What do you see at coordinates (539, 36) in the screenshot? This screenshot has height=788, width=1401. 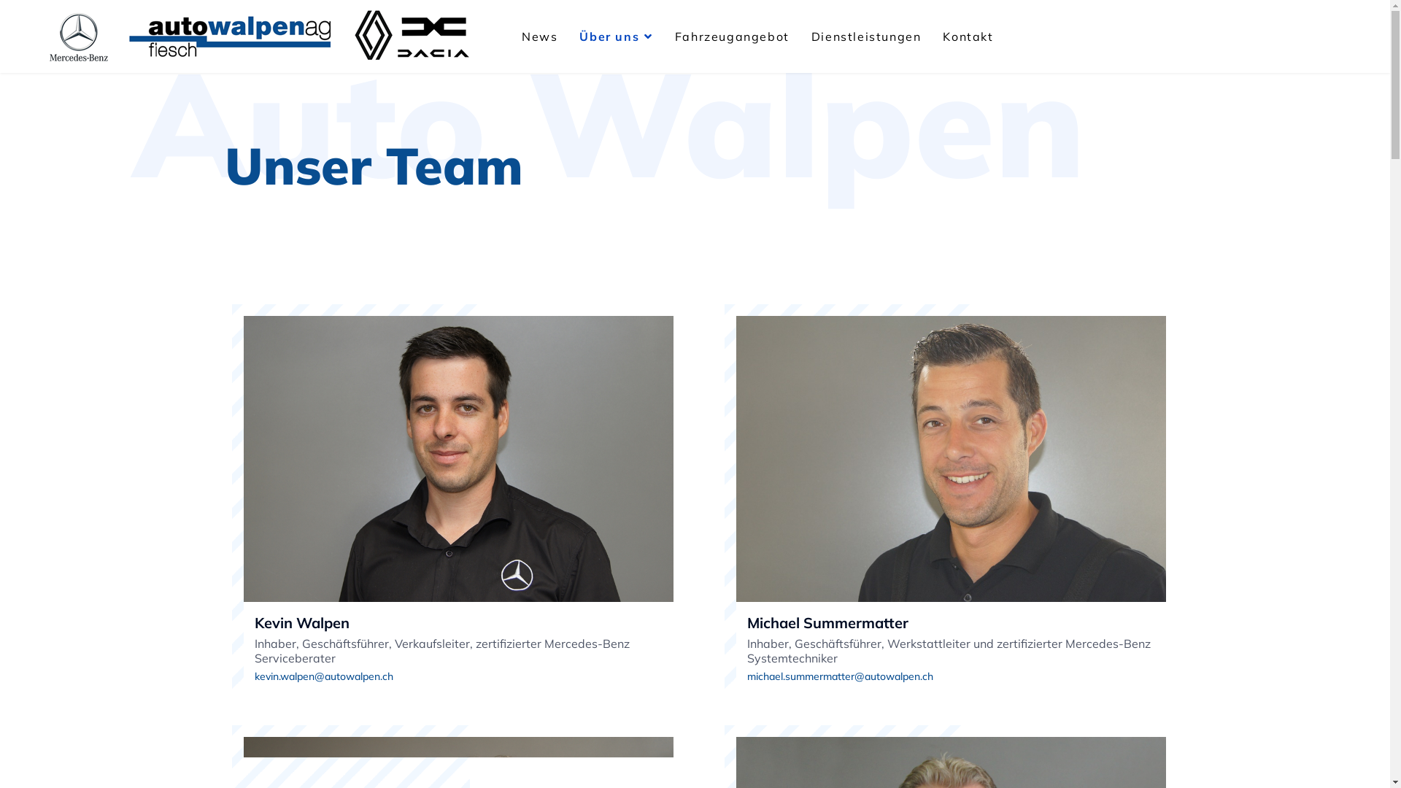 I see `'News'` at bounding box center [539, 36].